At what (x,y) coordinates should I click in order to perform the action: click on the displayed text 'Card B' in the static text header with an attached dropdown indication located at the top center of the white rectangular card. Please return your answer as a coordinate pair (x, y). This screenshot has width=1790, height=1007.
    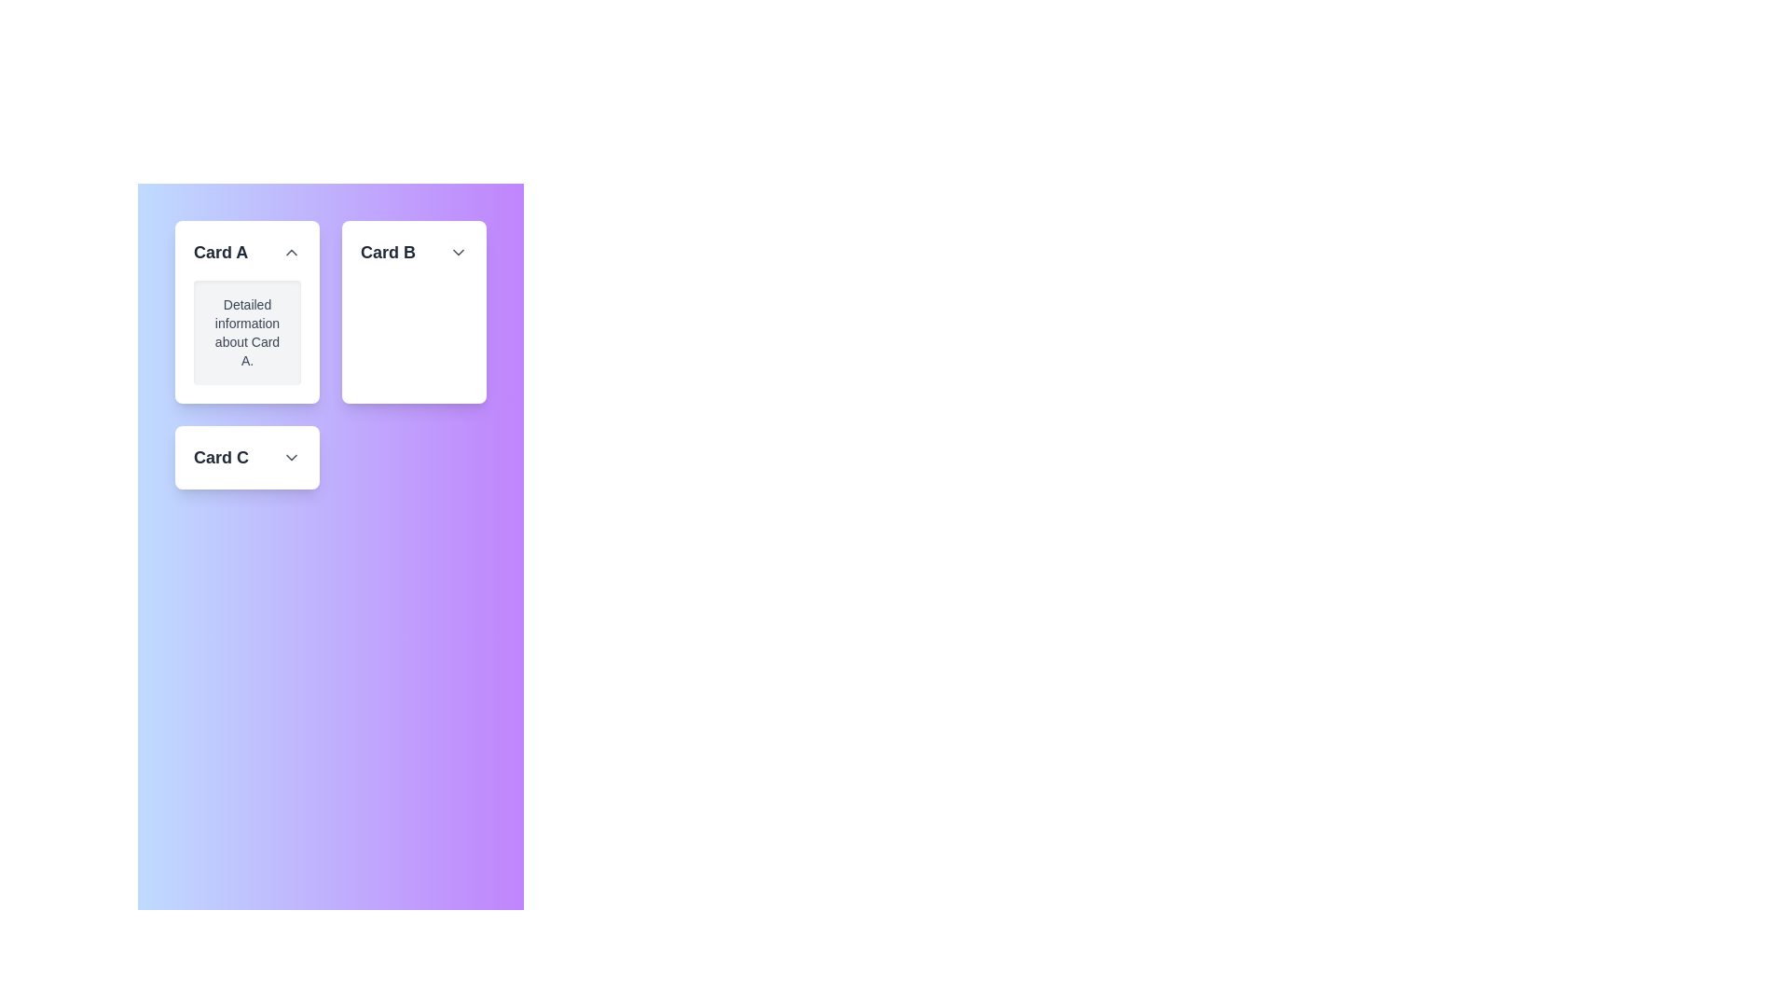
    Looking at the image, I should click on (413, 252).